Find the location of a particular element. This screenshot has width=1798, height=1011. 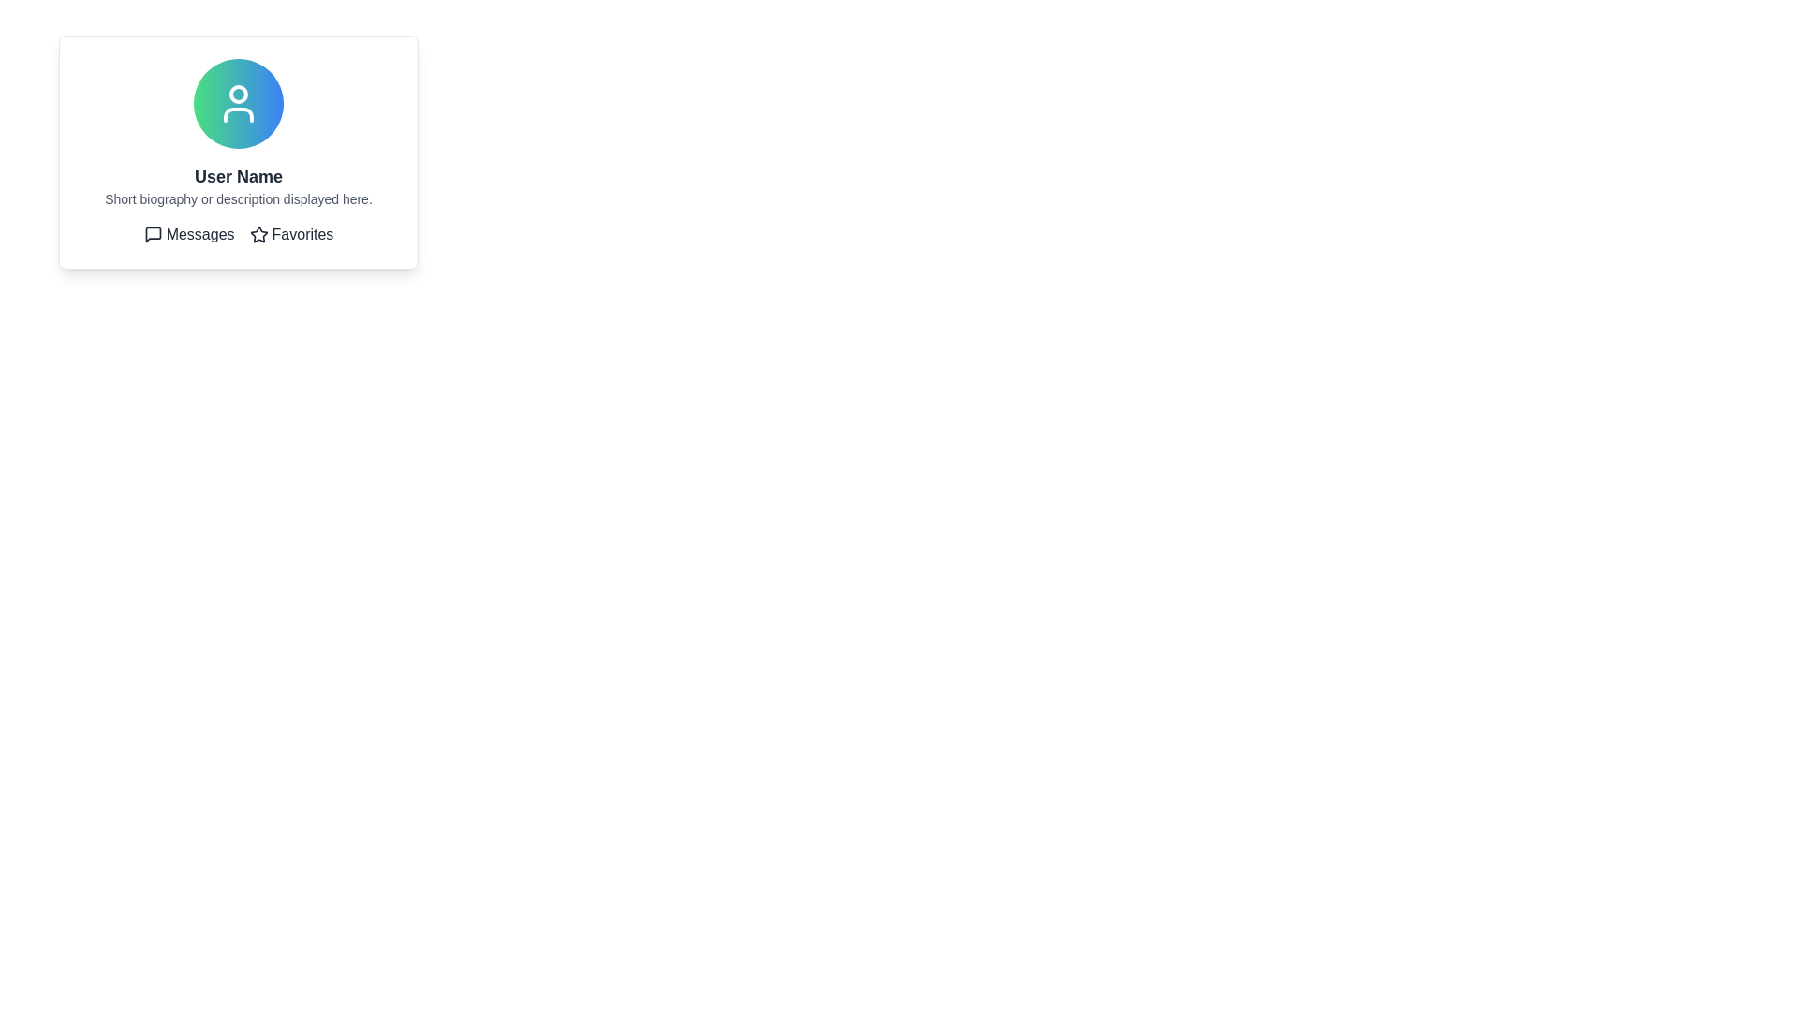

the button that accesses messages, which is the first item in a row below the user profile card, to change its appearance is located at coordinates (189, 233).